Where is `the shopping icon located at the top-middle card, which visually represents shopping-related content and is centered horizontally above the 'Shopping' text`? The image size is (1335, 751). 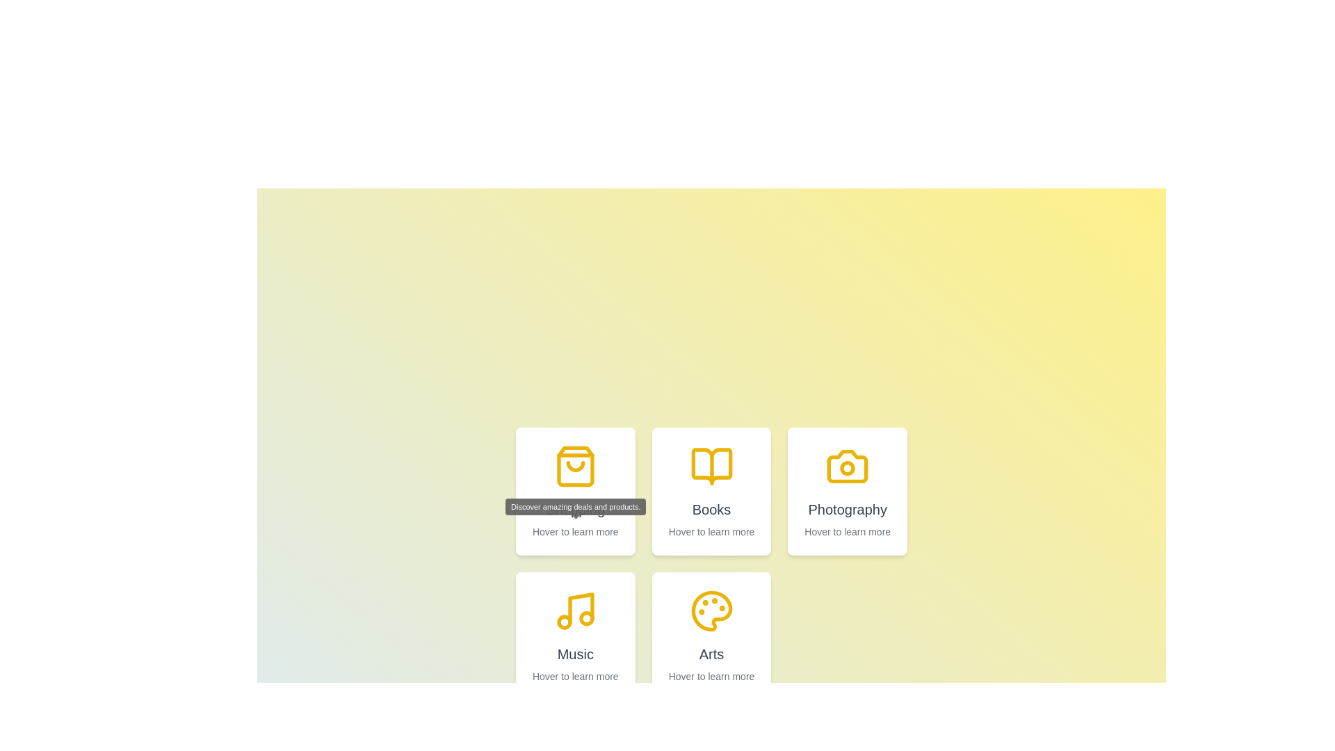 the shopping icon located at the top-middle card, which visually represents shopping-related content and is centered horizontally above the 'Shopping' text is located at coordinates (575, 467).